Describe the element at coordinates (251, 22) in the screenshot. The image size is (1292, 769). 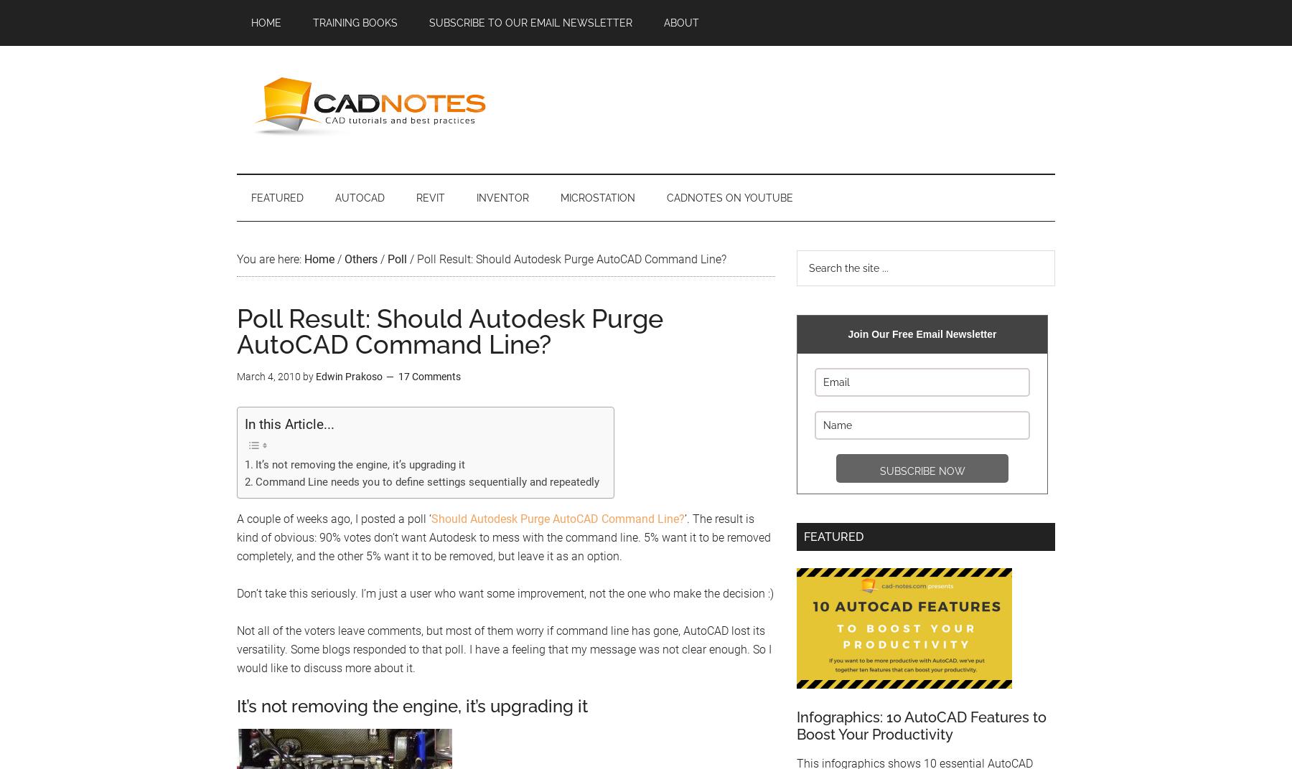
I see `'Home'` at that location.